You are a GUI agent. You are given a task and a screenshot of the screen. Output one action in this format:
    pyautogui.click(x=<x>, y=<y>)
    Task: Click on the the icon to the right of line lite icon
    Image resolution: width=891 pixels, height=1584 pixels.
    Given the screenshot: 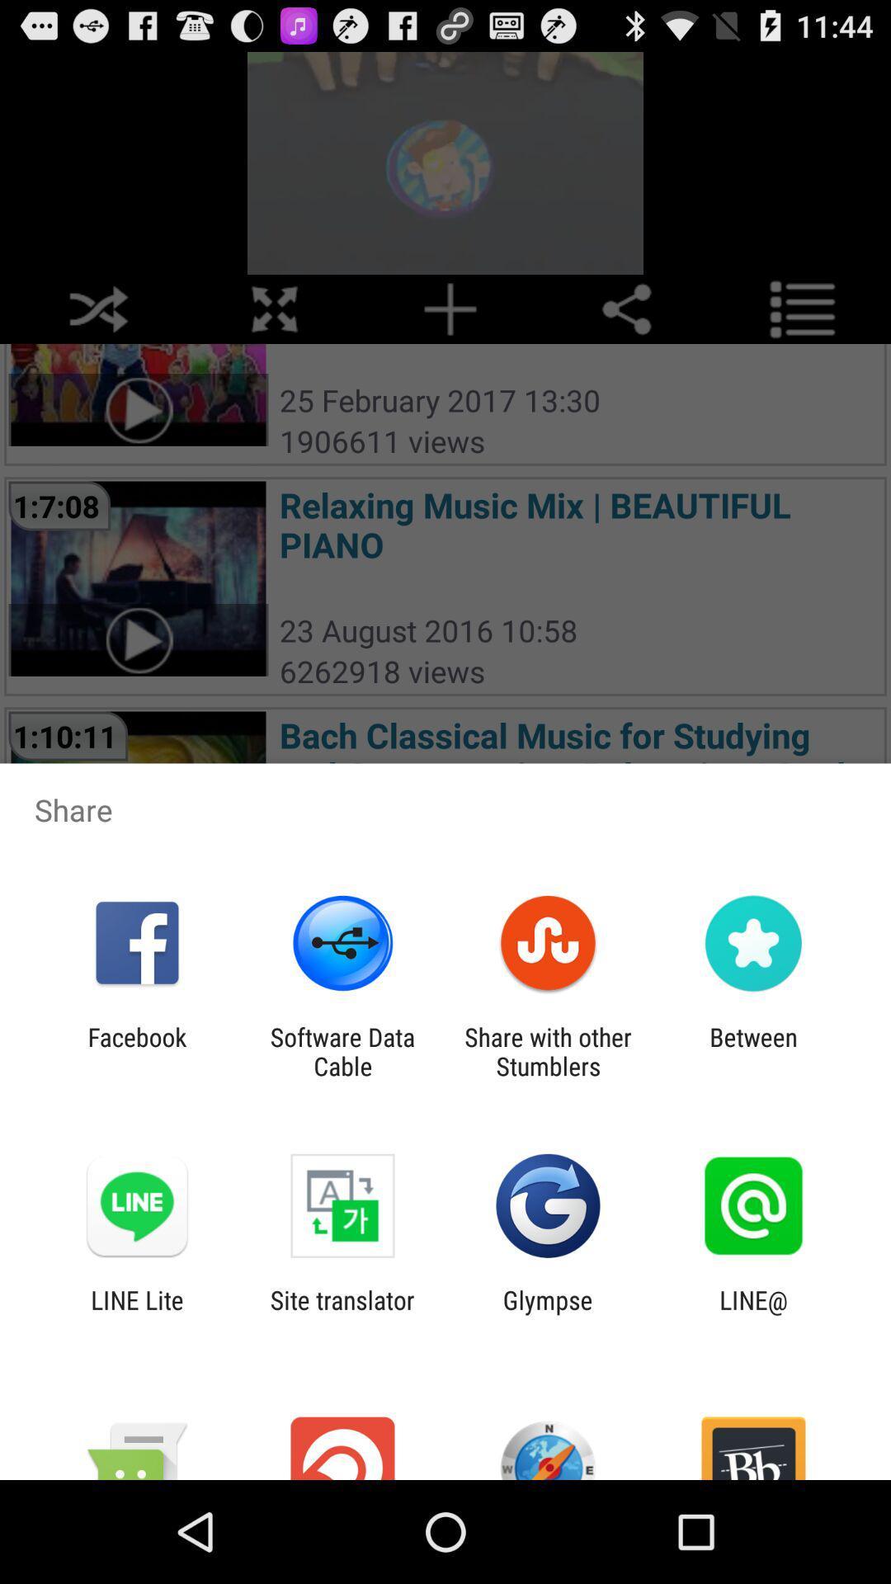 What is the action you would take?
    pyautogui.click(x=342, y=1313)
    